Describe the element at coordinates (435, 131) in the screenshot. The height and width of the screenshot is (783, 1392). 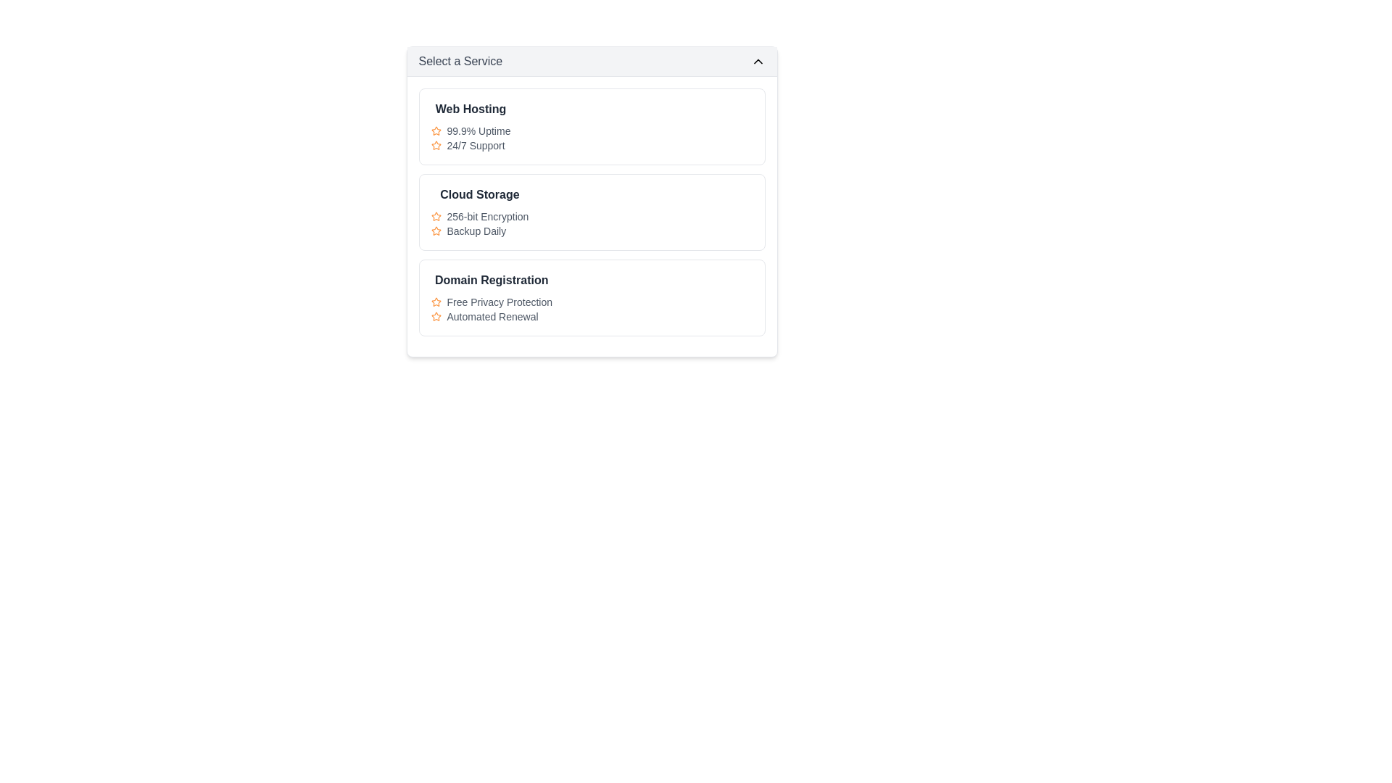
I see `the star icon representing '99.9% Uptime' in the 'Web Hosting' section of the service selection interface` at that location.